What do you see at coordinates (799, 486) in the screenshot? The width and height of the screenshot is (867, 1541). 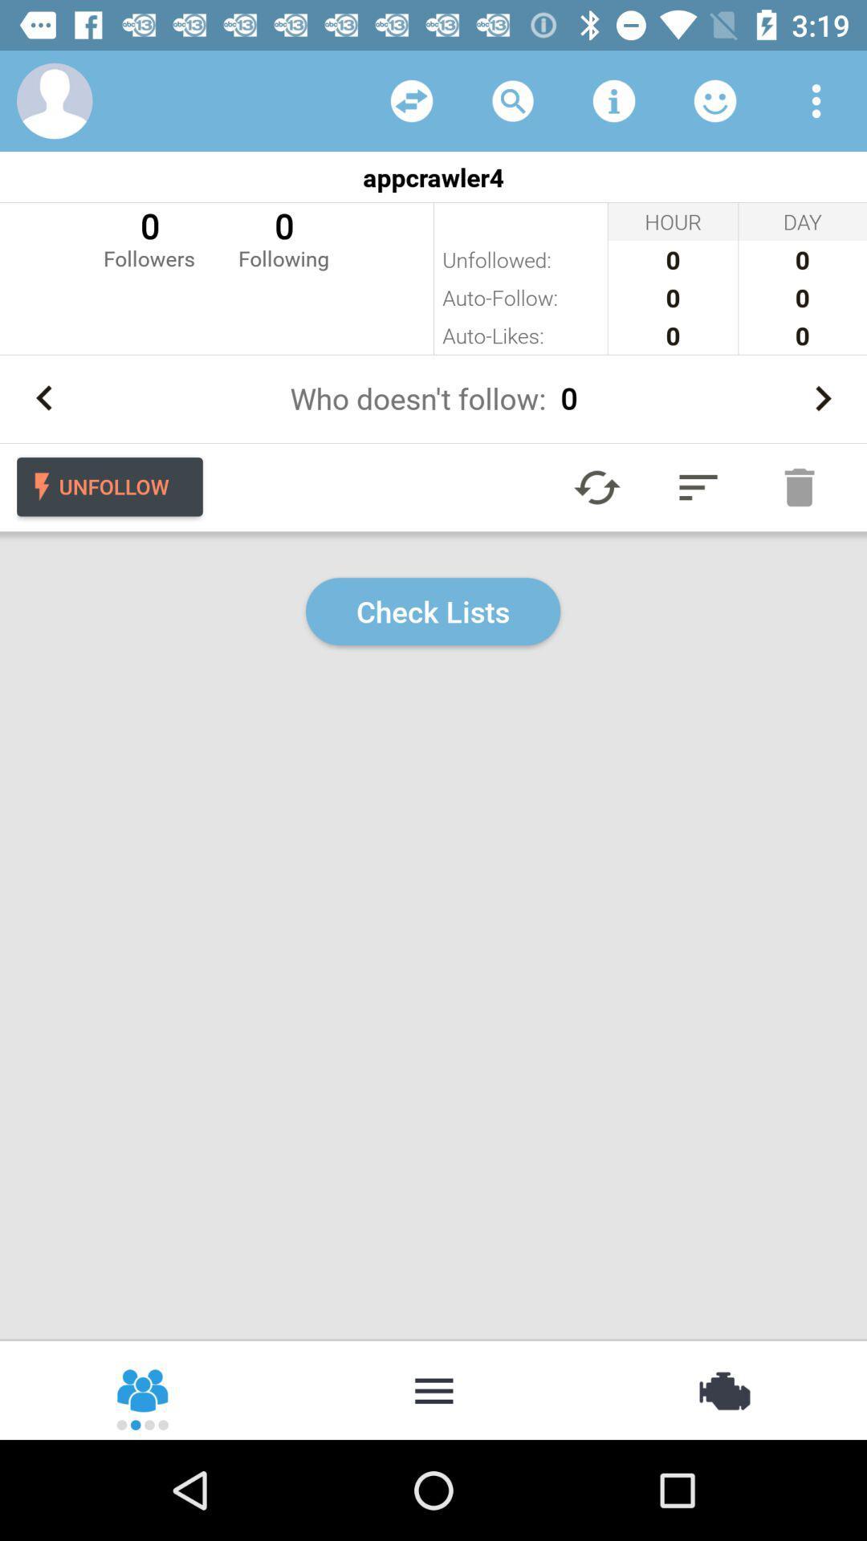 I see `press trash button` at bounding box center [799, 486].